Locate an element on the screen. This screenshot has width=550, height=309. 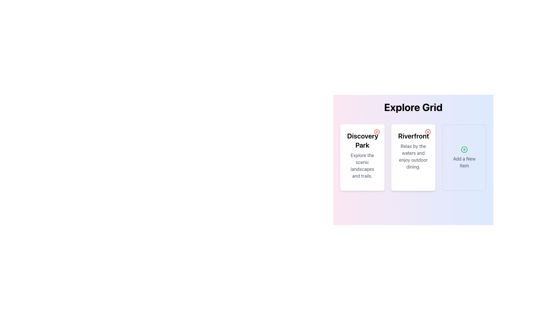
the close button located in the top-right corner of the 'Riverfront' card is located at coordinates (428, 132).